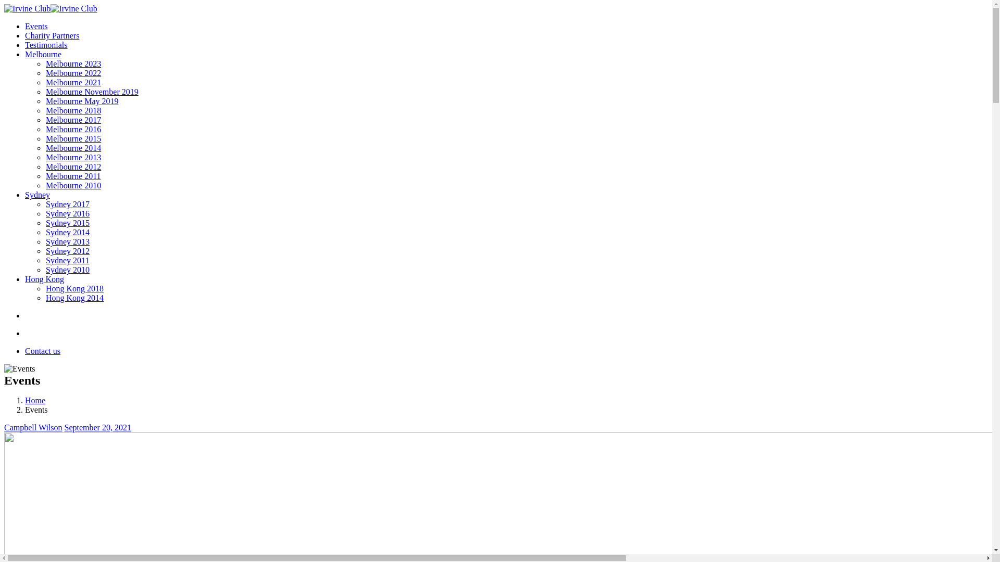 This screenshot has height=562, width=1000. Describe the element at coordinates (72, 166) in the screenshot. I see `'Melbourne 2012'` at that location.